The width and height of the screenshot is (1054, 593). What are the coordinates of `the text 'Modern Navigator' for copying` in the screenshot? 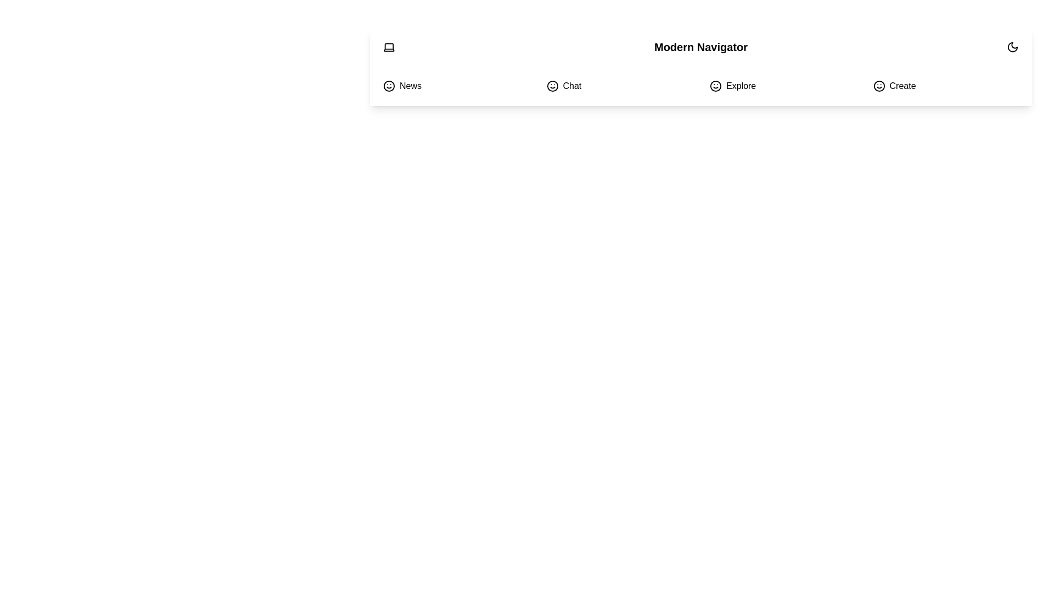 It's located at (700, 46).